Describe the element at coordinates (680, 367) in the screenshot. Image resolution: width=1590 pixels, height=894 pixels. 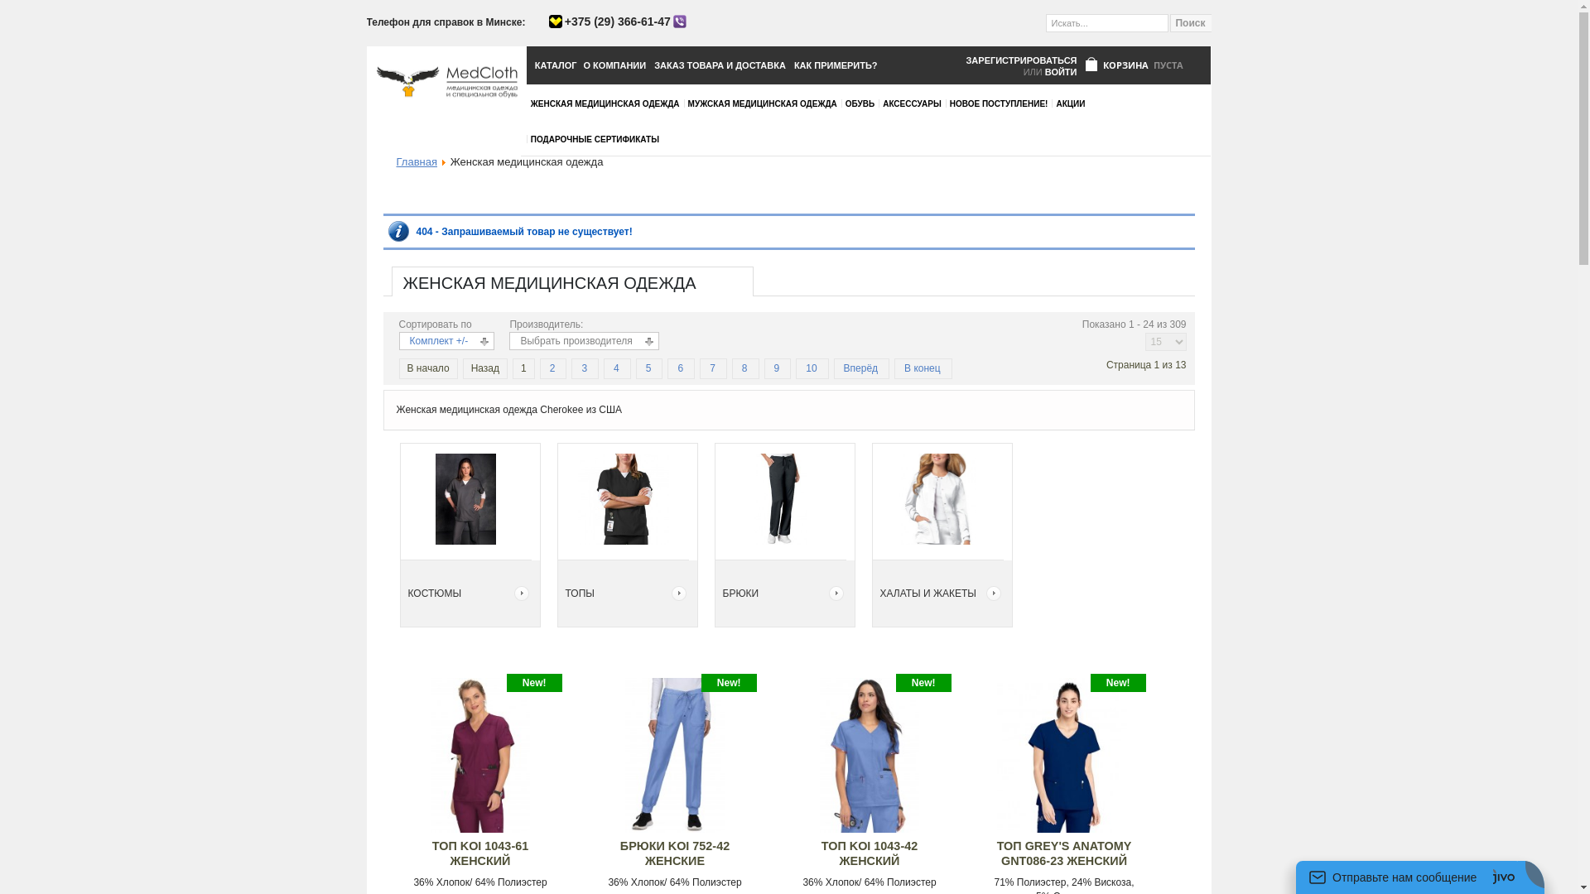
I see `'6'` at that location.